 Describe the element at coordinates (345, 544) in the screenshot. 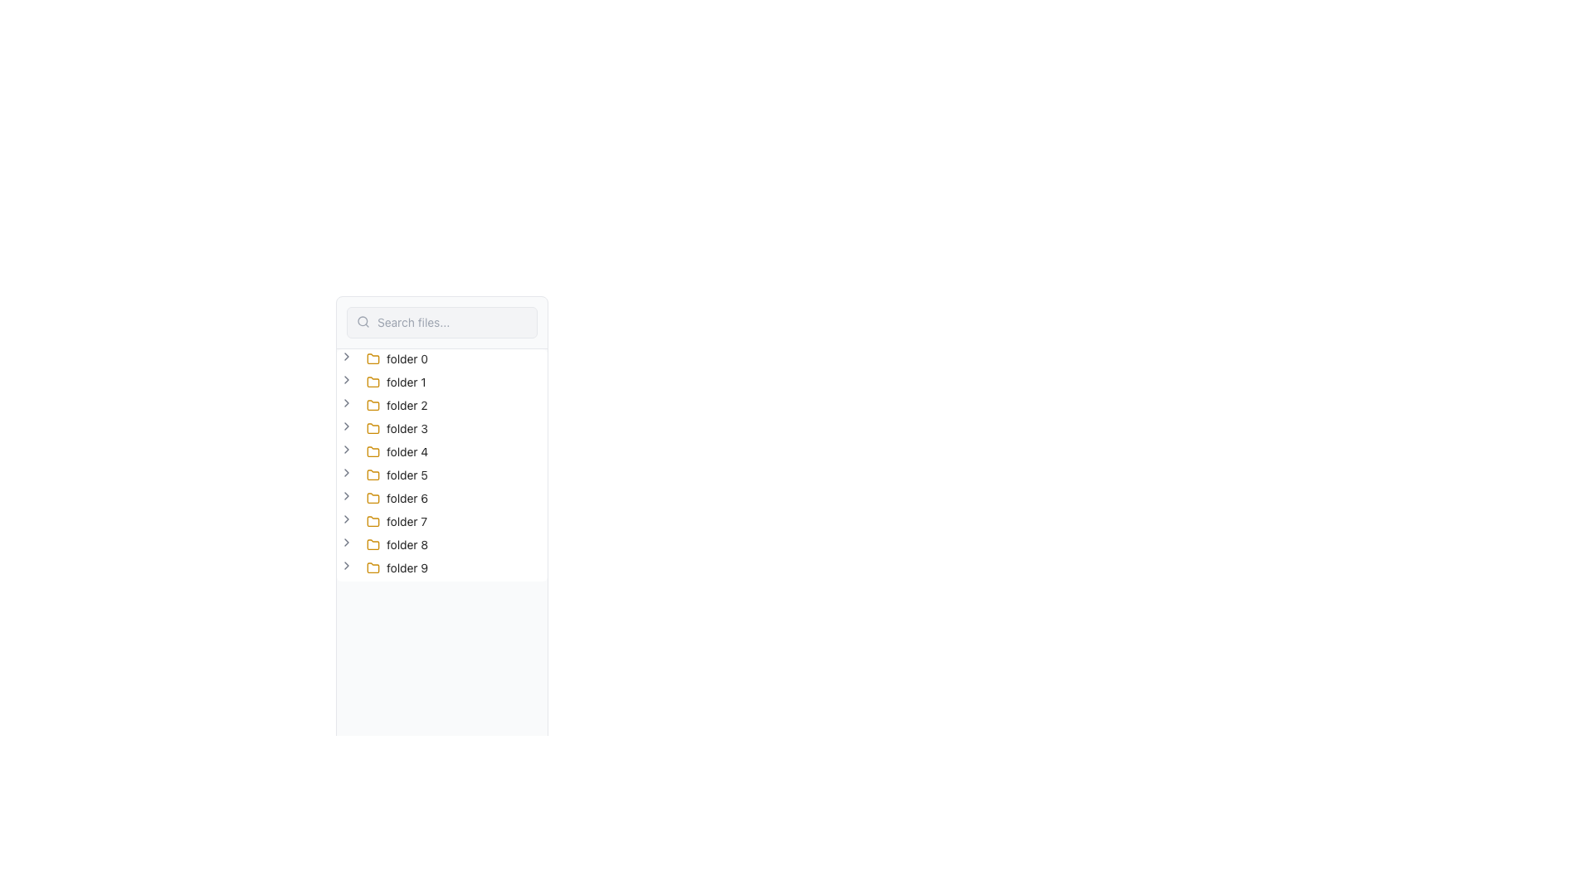

I see `the chevron icon pointing to the right, located to the left of the label 'folder 8'` at that location.